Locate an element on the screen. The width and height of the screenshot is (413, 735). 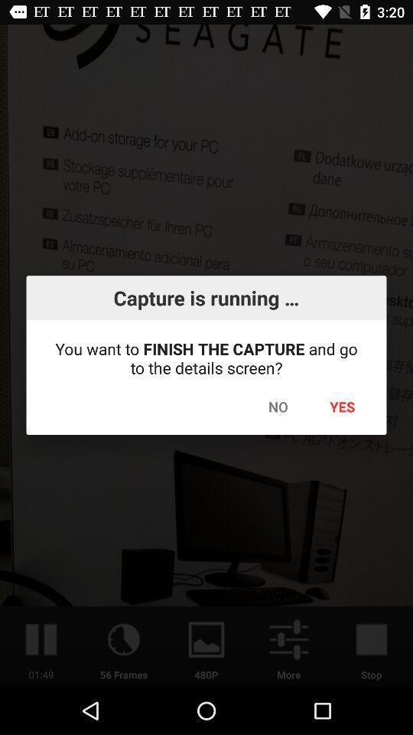
the star icon is located at coordinates (337, 197).